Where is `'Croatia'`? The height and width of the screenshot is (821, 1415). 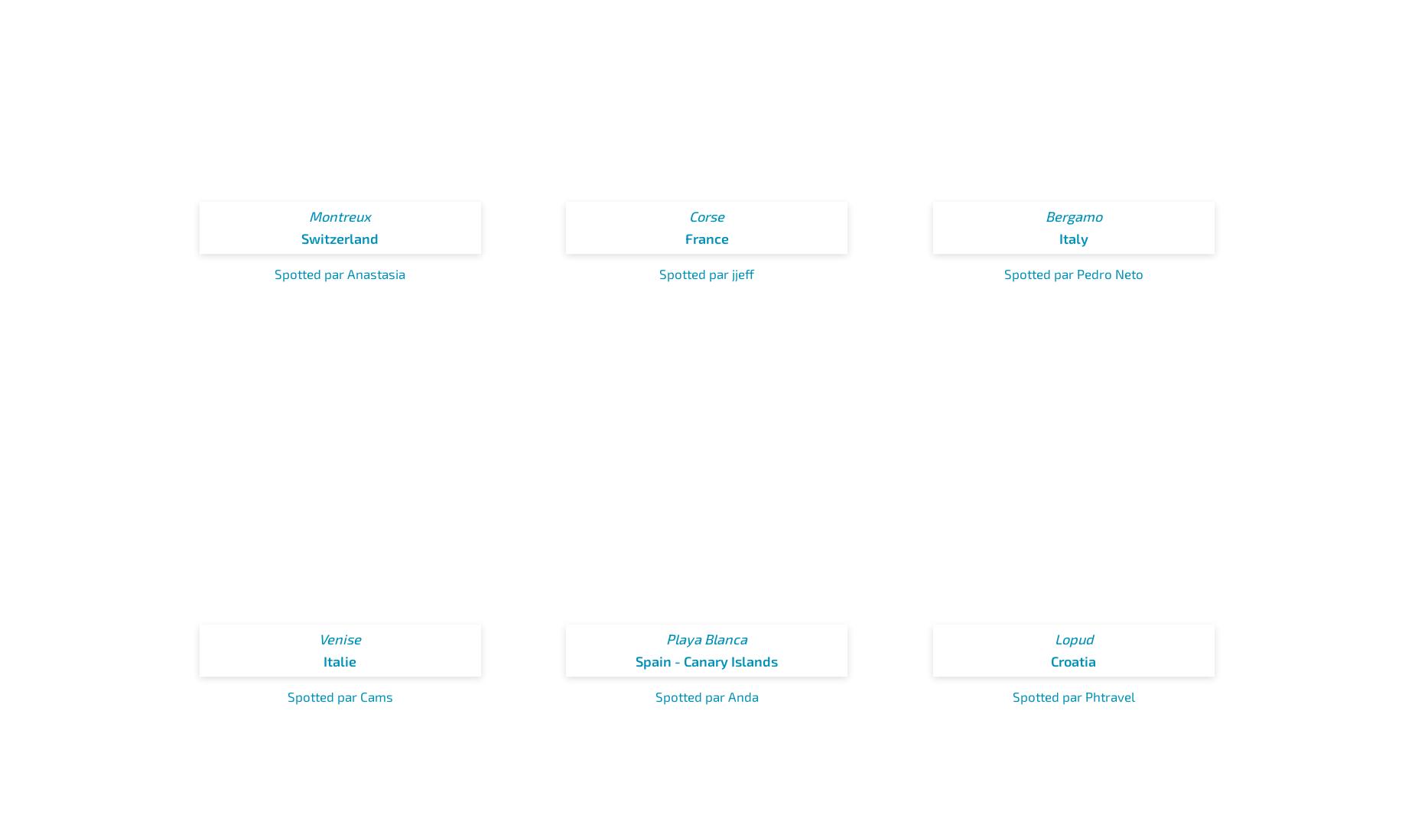 'Croatia' is located at coordinates (1073, 660).